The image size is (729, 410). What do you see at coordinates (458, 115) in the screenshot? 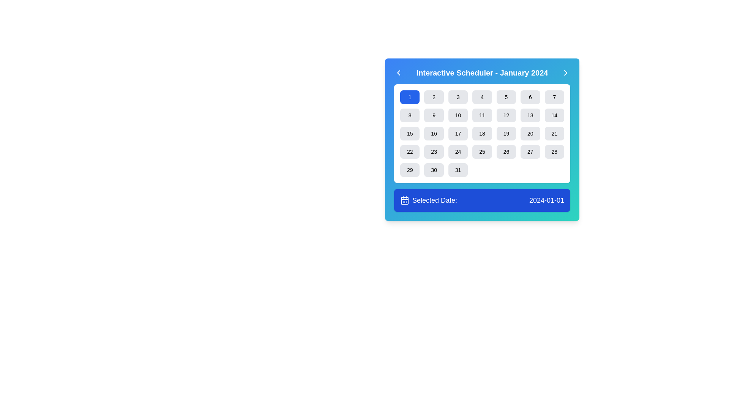
I see `the rectangular button with rounded corners and the text '10' in the calendar grid of the 'Interactive Scheduler - January 2024'` at bounding box center [458, 115].